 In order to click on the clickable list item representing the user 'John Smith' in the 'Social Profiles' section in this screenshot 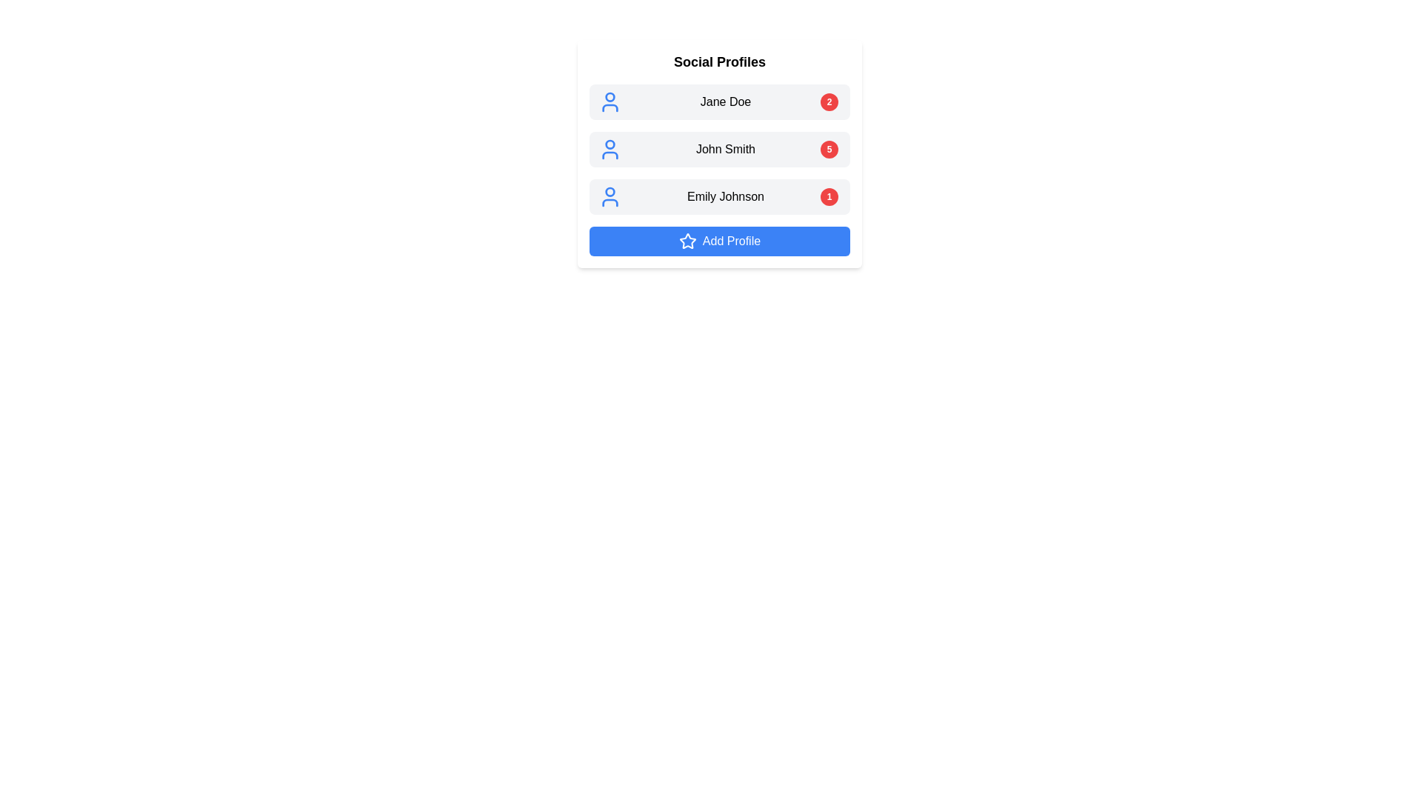, I will do `click(719, 154)`.